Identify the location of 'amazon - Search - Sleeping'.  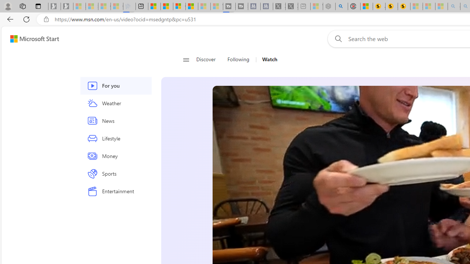
(453, 6).